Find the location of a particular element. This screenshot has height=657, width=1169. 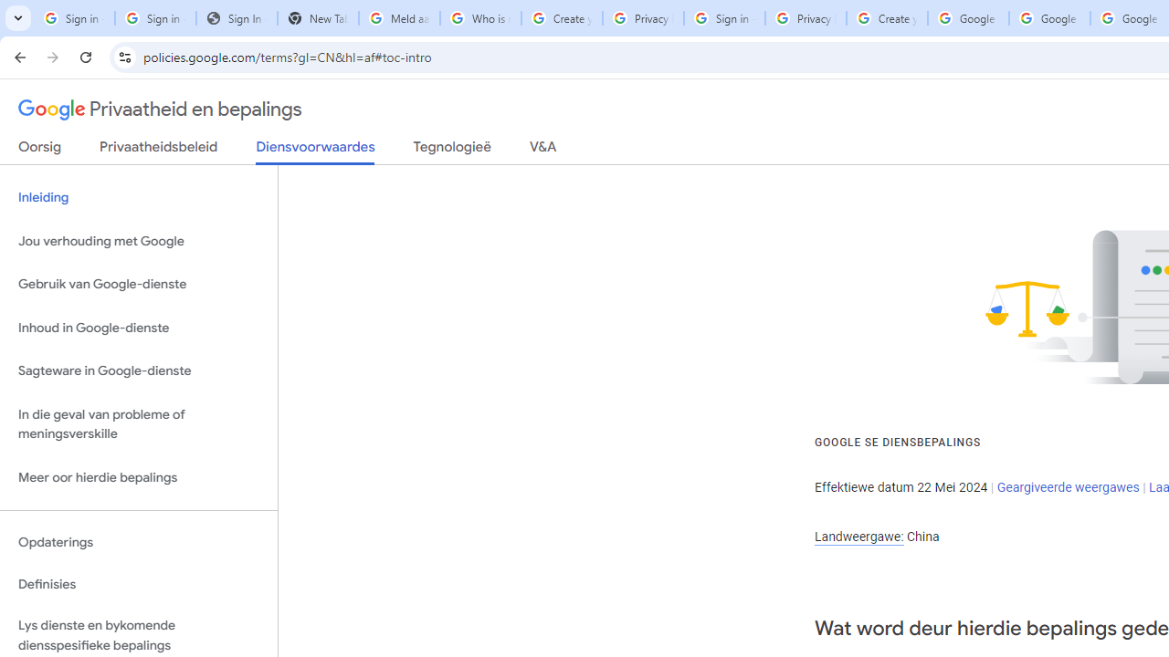

'Opdaterings' is located at coordinates (138, 541).